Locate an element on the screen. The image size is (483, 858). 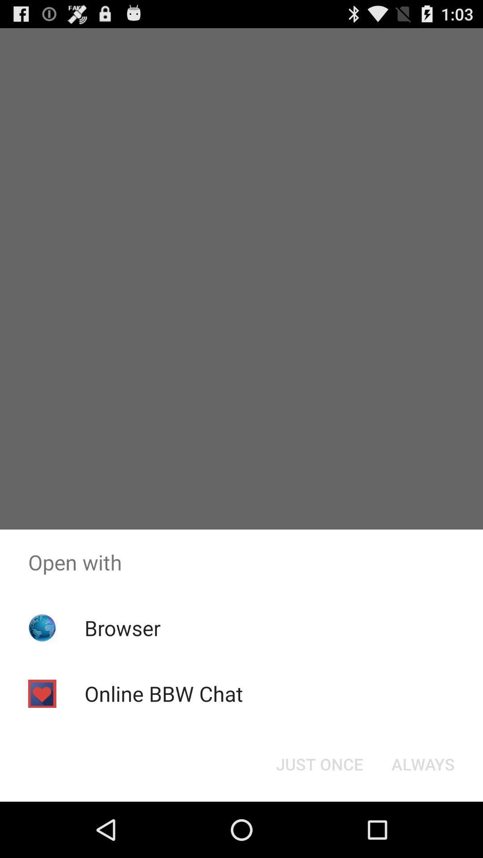
the app above online bbw chat icon is located at coordinates (123, 627).